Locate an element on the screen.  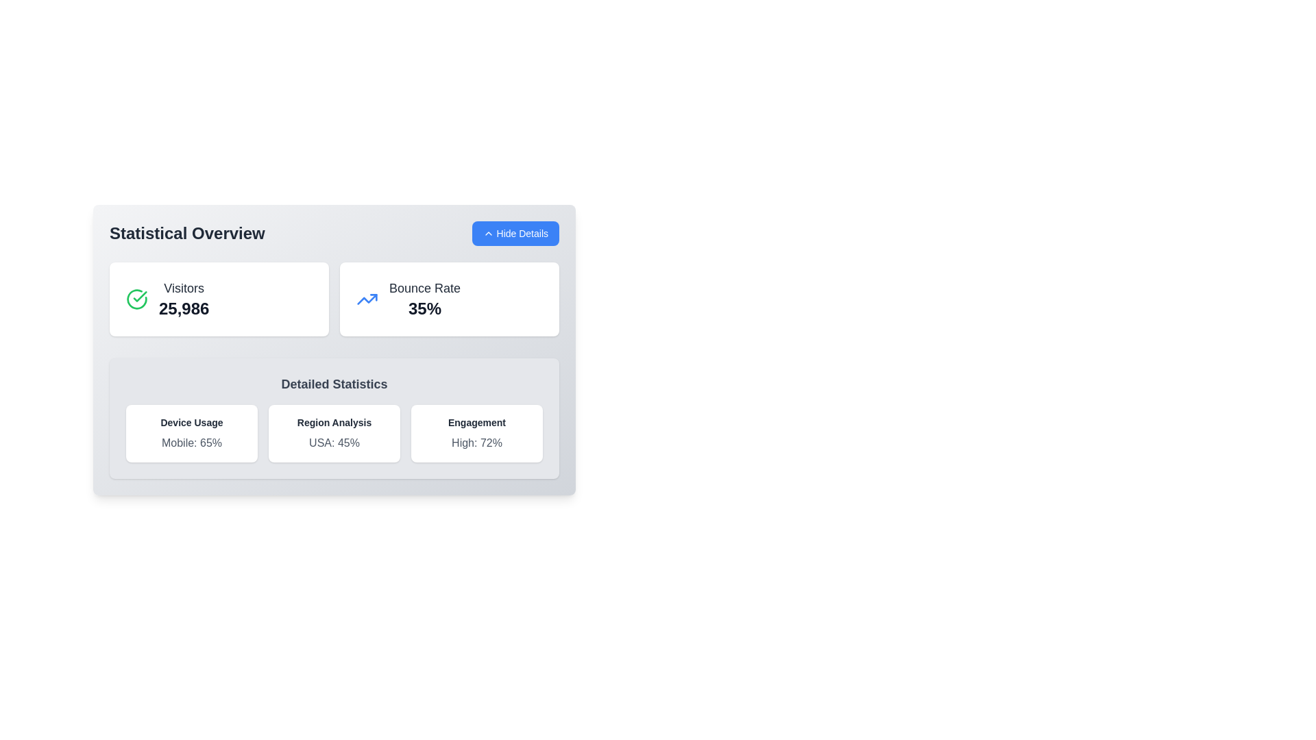
the bold text label reading 'Region Analysis', which is styled in small font and is located under the 'Detailed Statistics' section, positioned above 'USA: 45%' is located at coordinates (334, 422).